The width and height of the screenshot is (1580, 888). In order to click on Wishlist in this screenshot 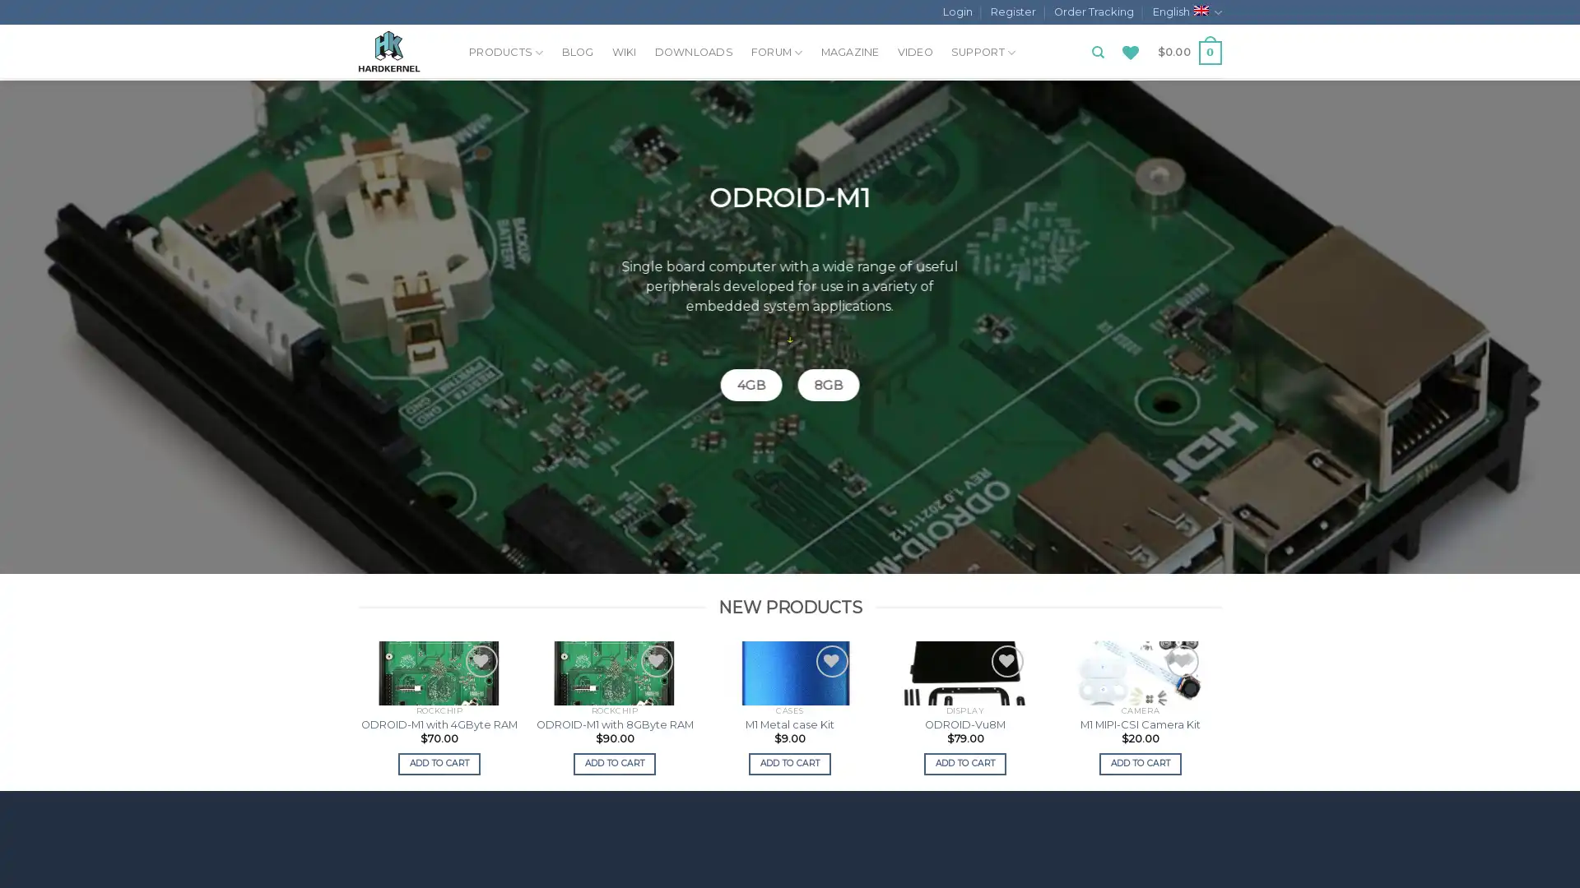, I will do `click(831, 660)`.